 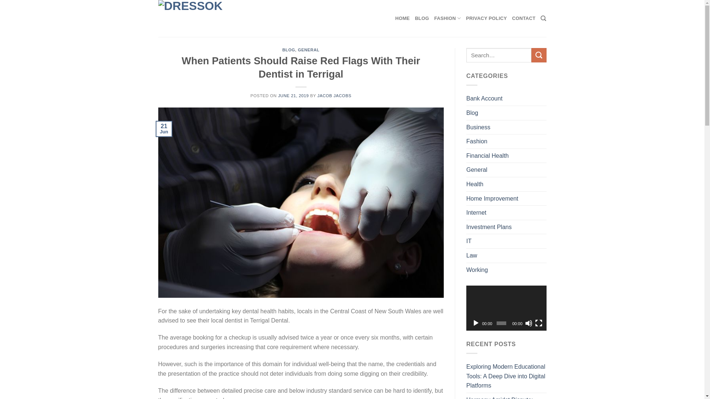 What do you see at coordinates (471, 255) in the screenshot?
I see `'Law'` at bounding box center [471, 255].